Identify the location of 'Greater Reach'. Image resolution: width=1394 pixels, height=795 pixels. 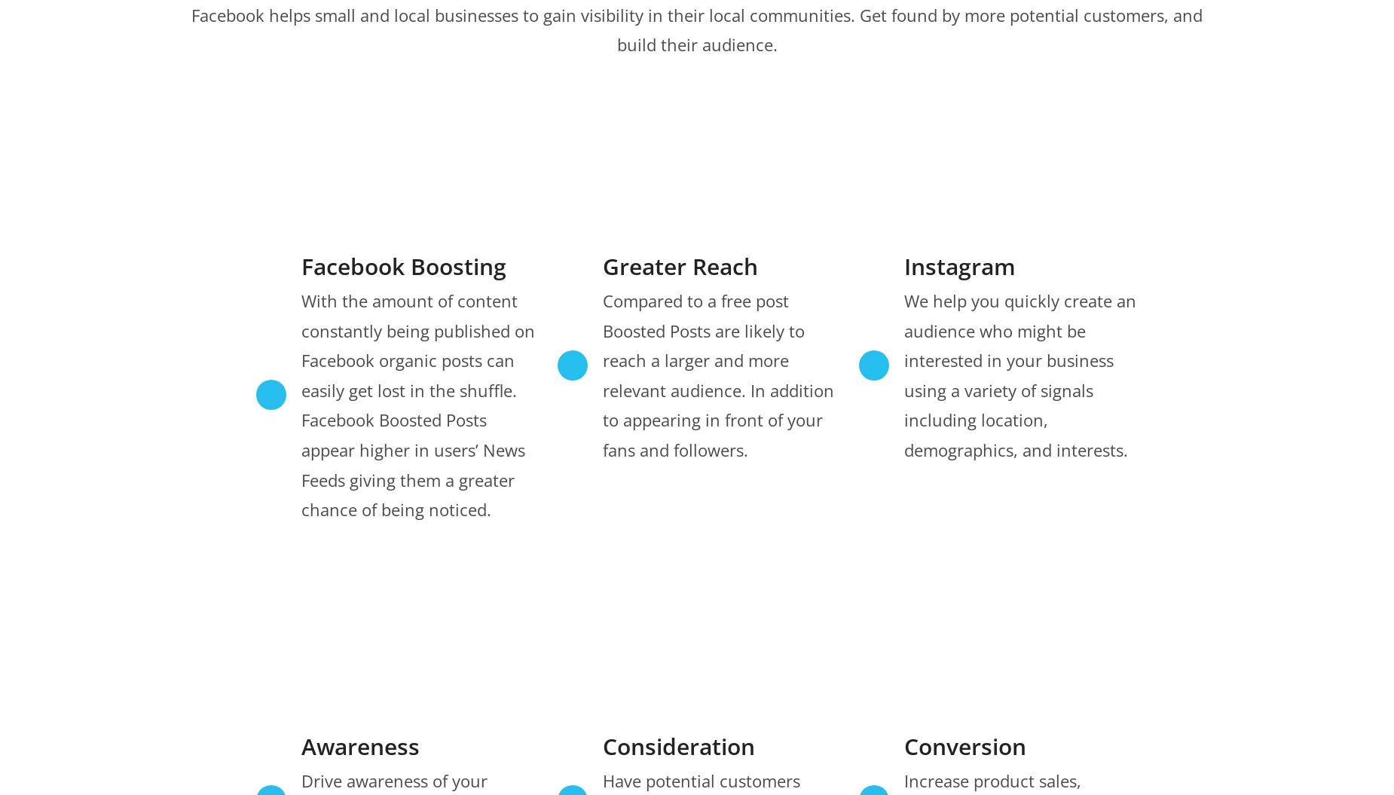
(680, 266).